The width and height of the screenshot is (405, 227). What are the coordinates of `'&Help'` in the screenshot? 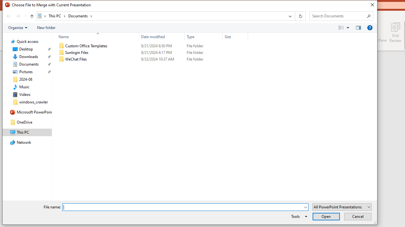 It's located at (370, 27).